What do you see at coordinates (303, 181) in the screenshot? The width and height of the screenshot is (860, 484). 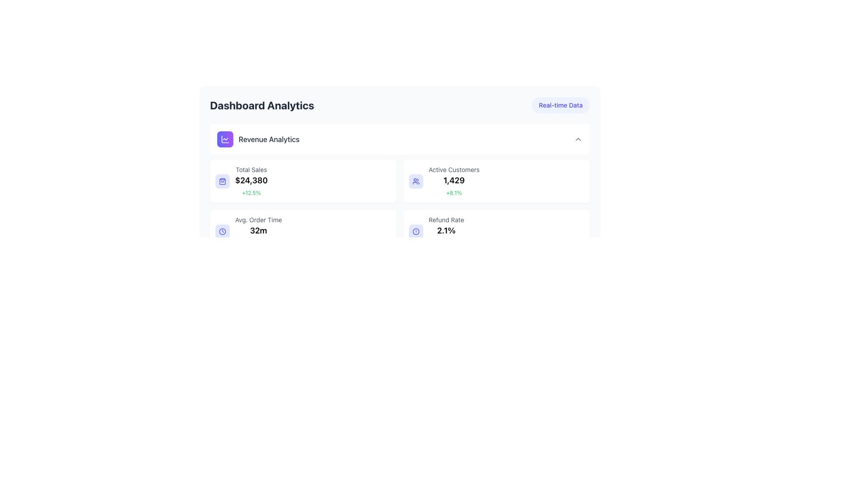 I see `the first card in the top-left quadrant displaying sales metrics to potentially view additional information` at bounding box center [303, 181].